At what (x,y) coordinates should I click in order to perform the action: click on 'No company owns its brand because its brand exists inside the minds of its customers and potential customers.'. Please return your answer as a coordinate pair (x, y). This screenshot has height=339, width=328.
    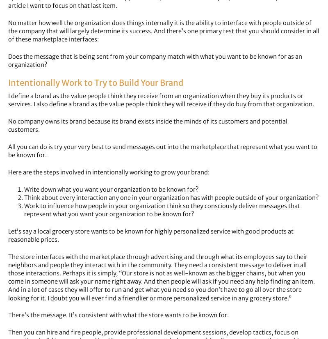
    Looking at the image, I should click on (148, 126).